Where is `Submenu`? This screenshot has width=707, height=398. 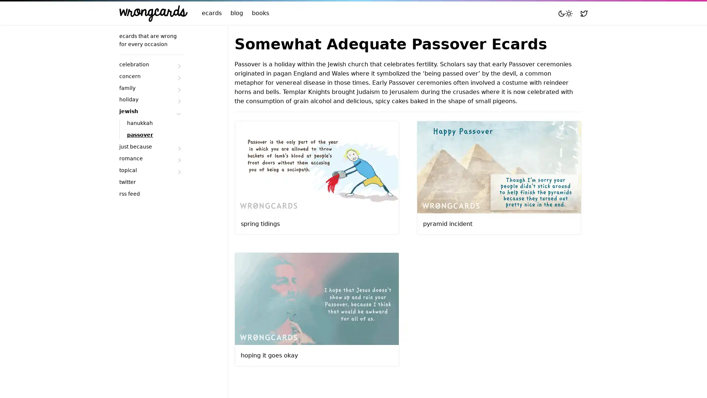 Submenu is located at coordinates (178, 113).